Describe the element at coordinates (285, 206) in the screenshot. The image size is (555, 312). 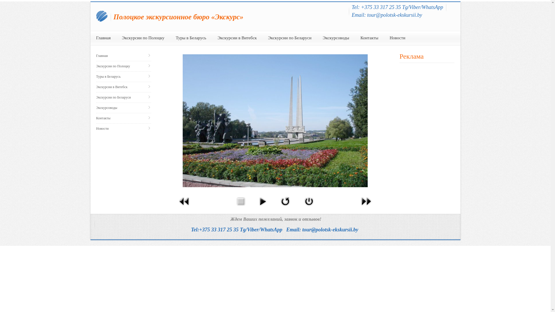
I see `'Refresh'` at that location.